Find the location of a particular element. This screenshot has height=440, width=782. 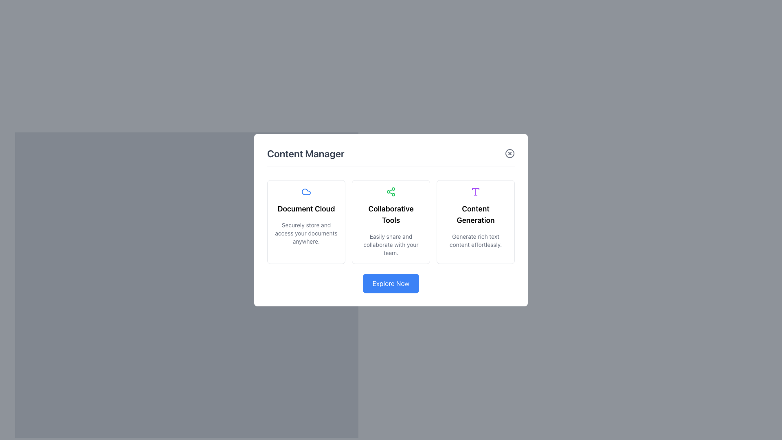

text content 'Easily share and collaborate with your team.' located centrally in the white card interface under the title 'Collaborative Tools.' is located at coordinates (391, 244).